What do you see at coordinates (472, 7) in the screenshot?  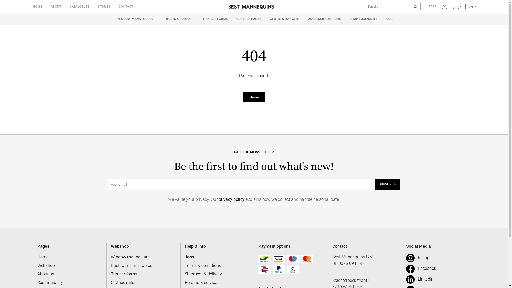 I see `'EN'` at bounding box center [472, 7].